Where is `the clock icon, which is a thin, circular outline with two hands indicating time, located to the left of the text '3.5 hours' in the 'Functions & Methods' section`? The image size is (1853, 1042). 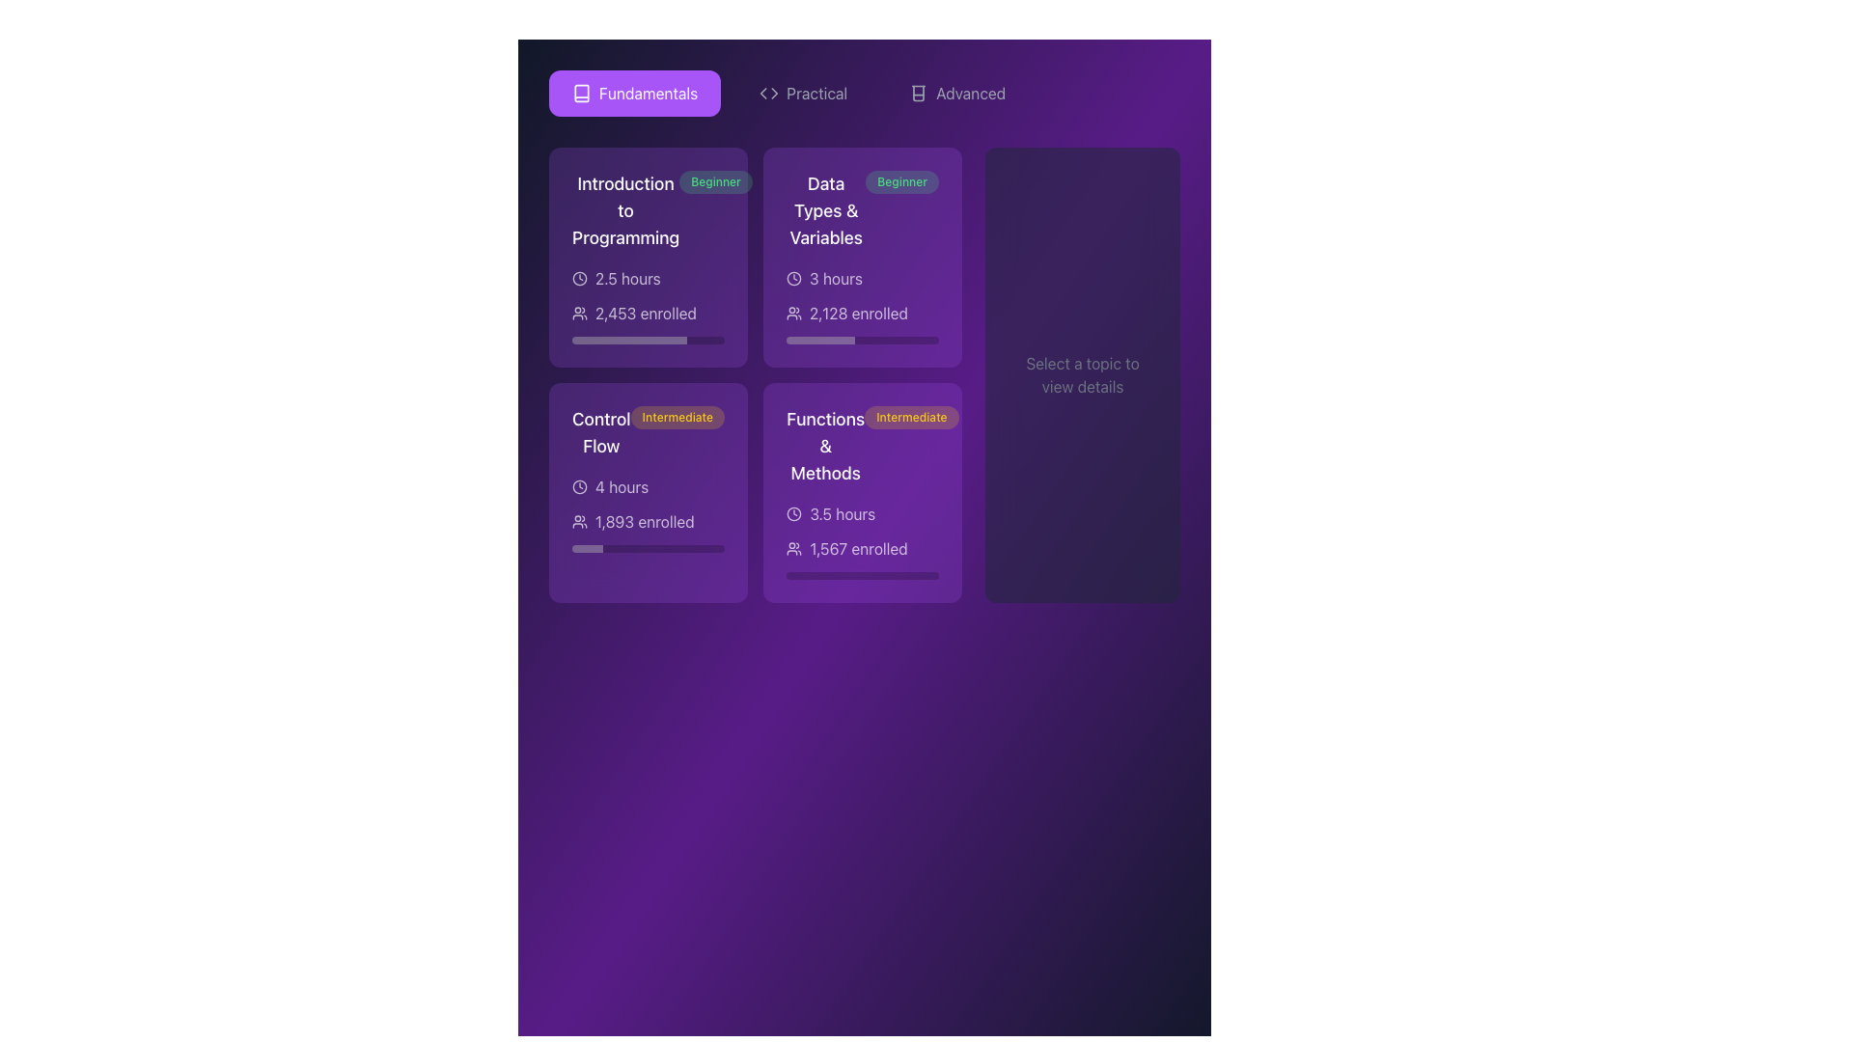
the clock icon, which is a thin, circular outline with two hands indicating time, located to the left of the text '3.5 hours' in the 'Functions & Methods' section is located at coordinates (793, 512).